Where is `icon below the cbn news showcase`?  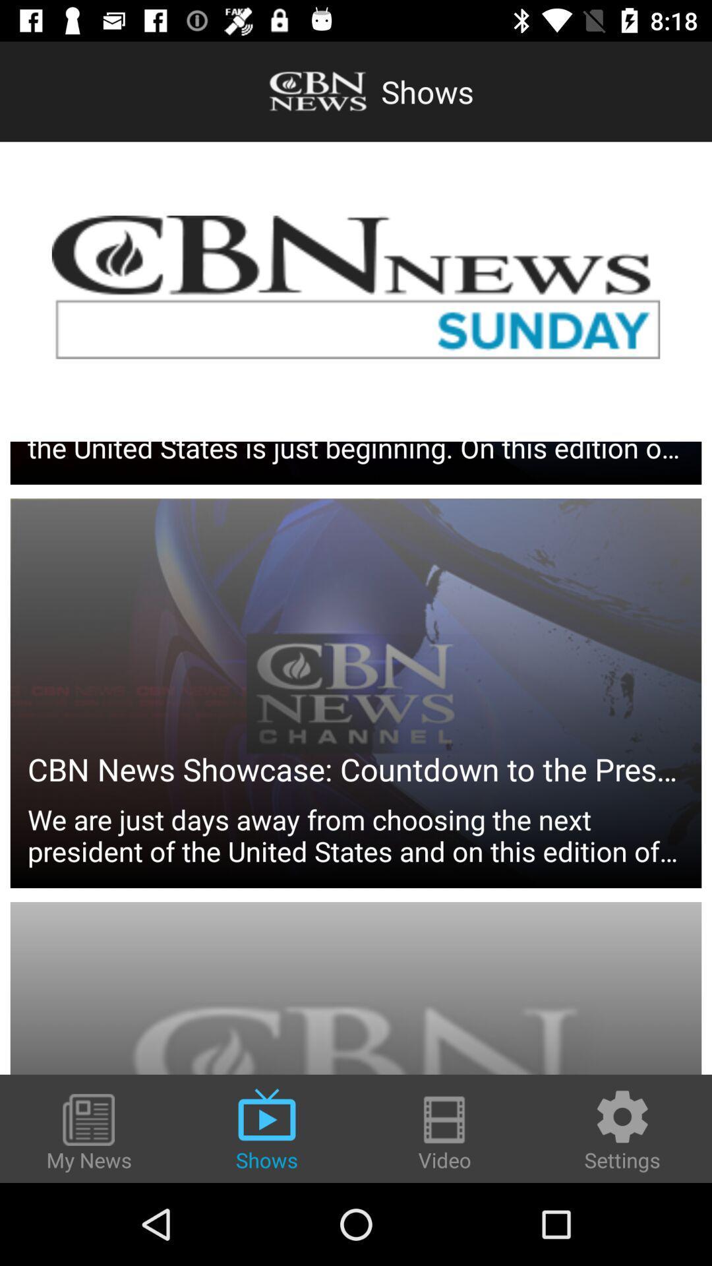 icon below the cbn news showcase is located at coordinates (356, 724).